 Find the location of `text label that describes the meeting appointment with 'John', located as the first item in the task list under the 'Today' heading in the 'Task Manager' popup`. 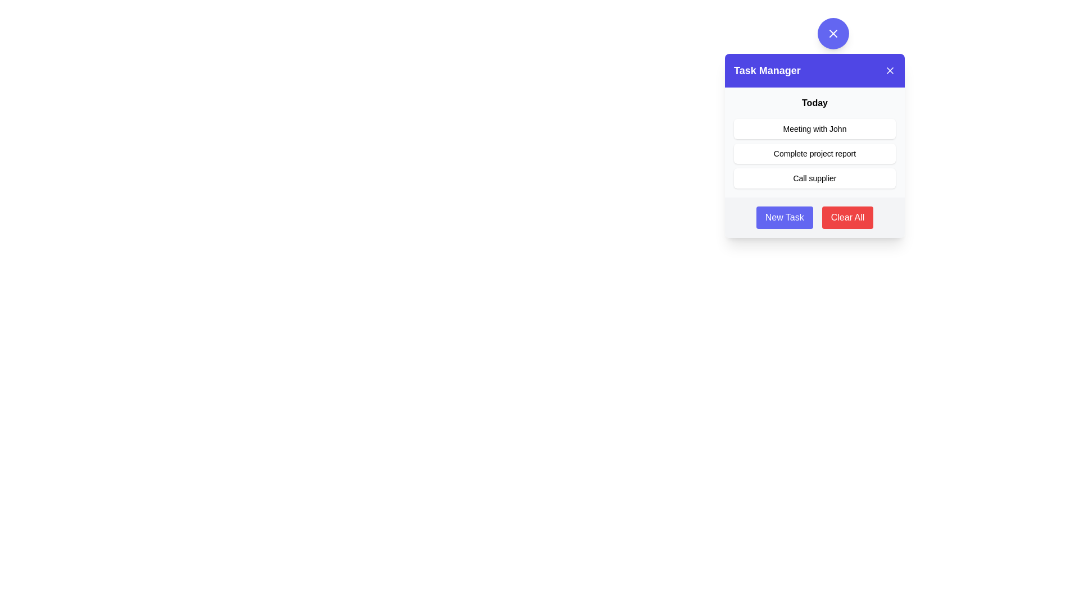

text label that describes the meeting appointment with 'John', located as the first item in the task list under the 'Today' heading in the 'Task Manager' popup is located at coordinates (814, 128).